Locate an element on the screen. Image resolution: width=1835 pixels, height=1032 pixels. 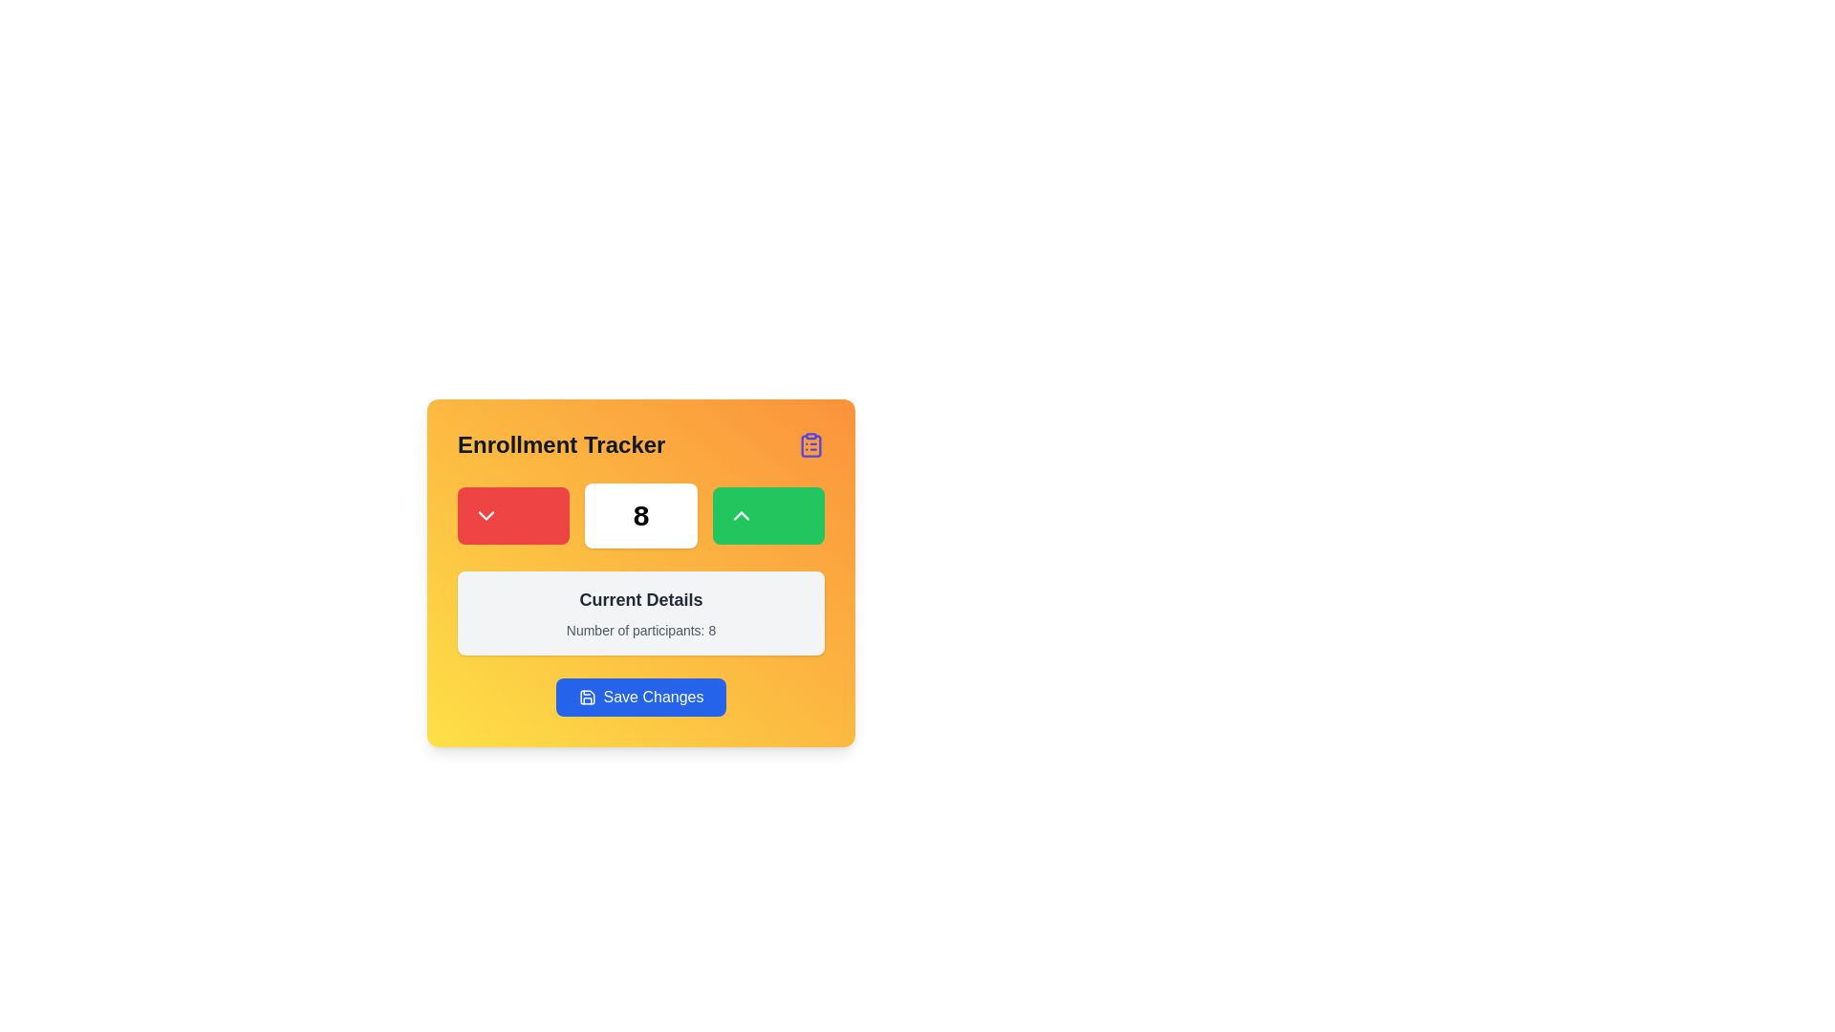
the submission button located at the bottom center of the 'Enrollment Tracker' card is located at coordinates (641, 697).